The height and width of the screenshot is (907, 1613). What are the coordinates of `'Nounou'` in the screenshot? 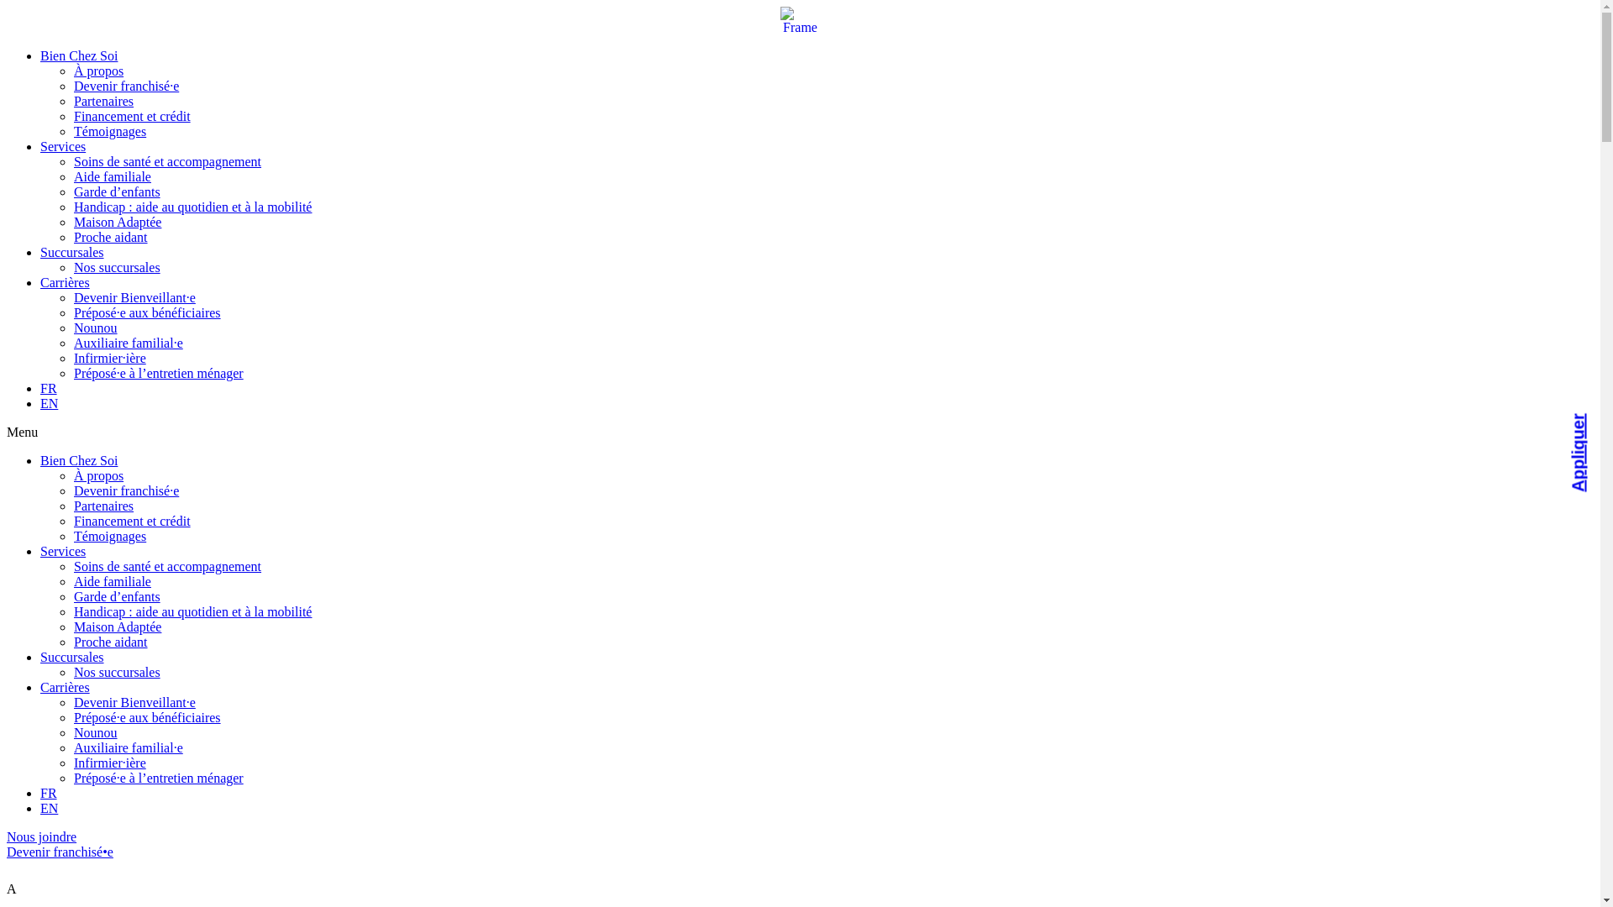 It's located at (95, 731).